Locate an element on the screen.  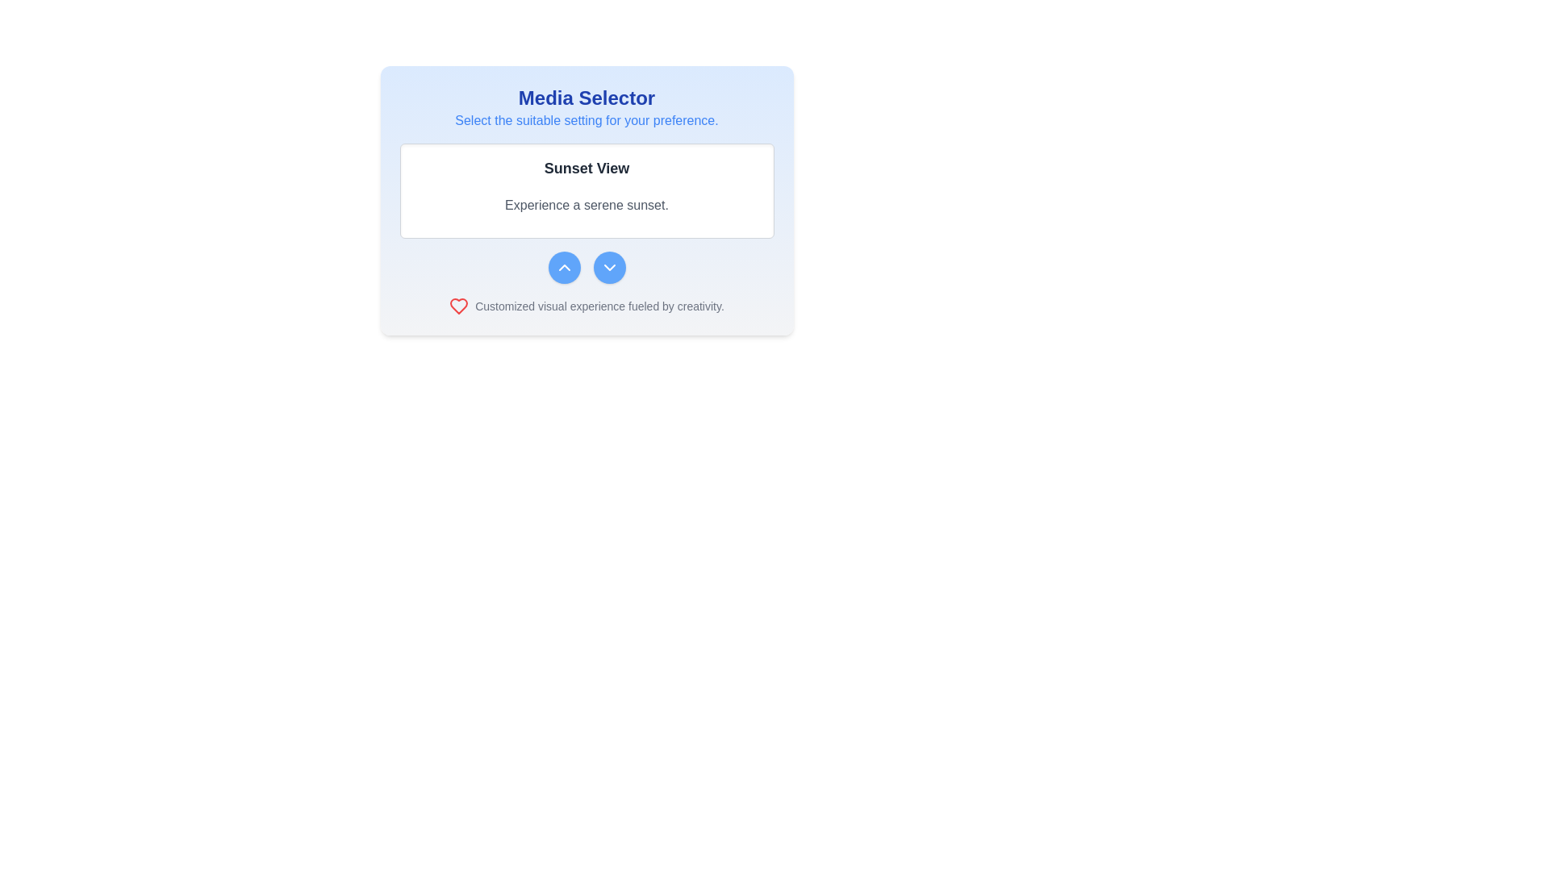
the text element that reads 'Customized visual experience fueled by creativity.' which is accompanied by a red heart icon on its left is located at coordinates (586, 306).